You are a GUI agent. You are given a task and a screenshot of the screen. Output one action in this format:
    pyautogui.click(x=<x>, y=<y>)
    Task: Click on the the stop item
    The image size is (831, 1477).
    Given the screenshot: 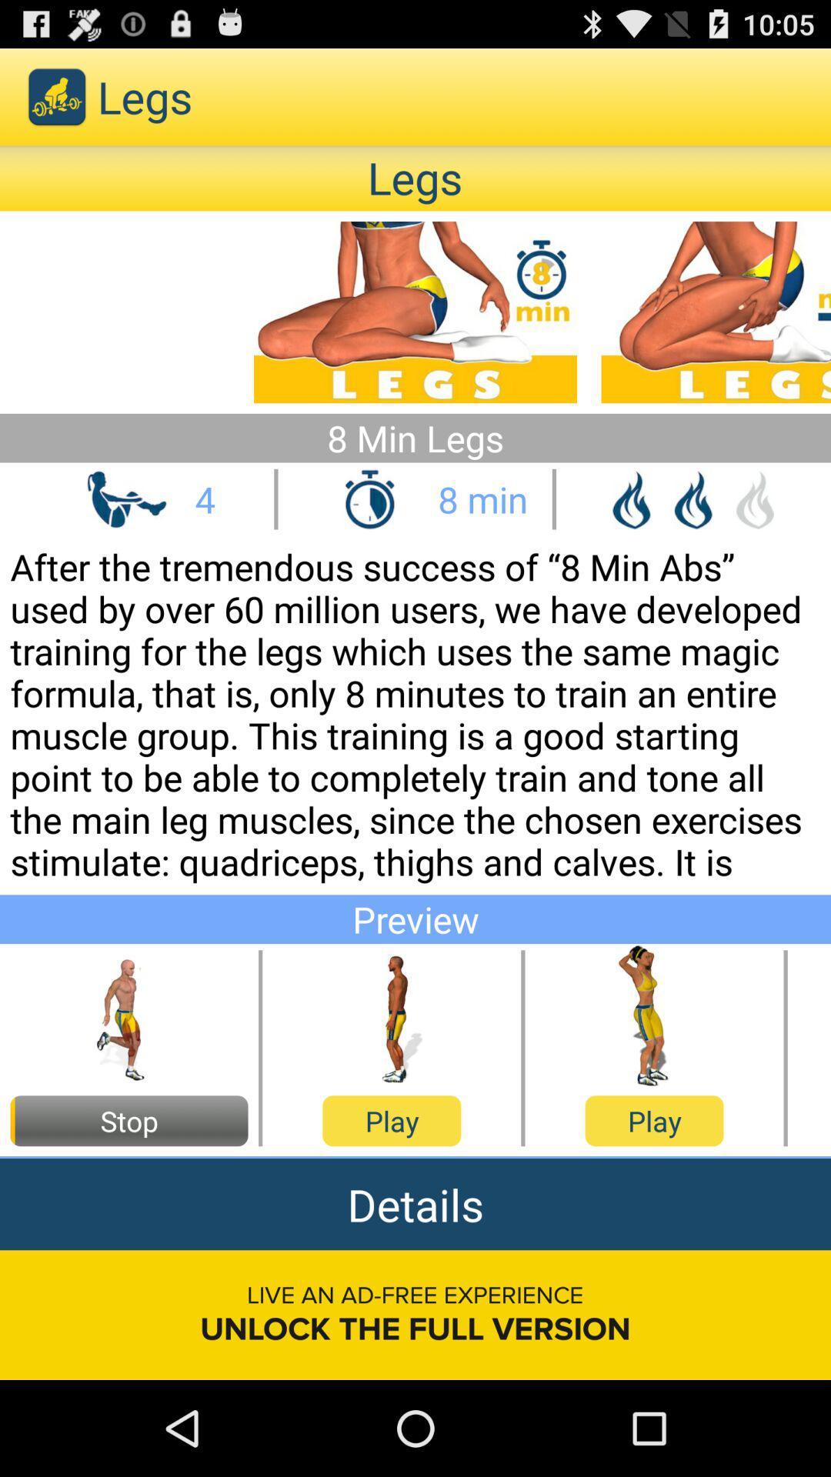 What is the action you would take?
    pyautogui.click(x=128, y=1121)
    